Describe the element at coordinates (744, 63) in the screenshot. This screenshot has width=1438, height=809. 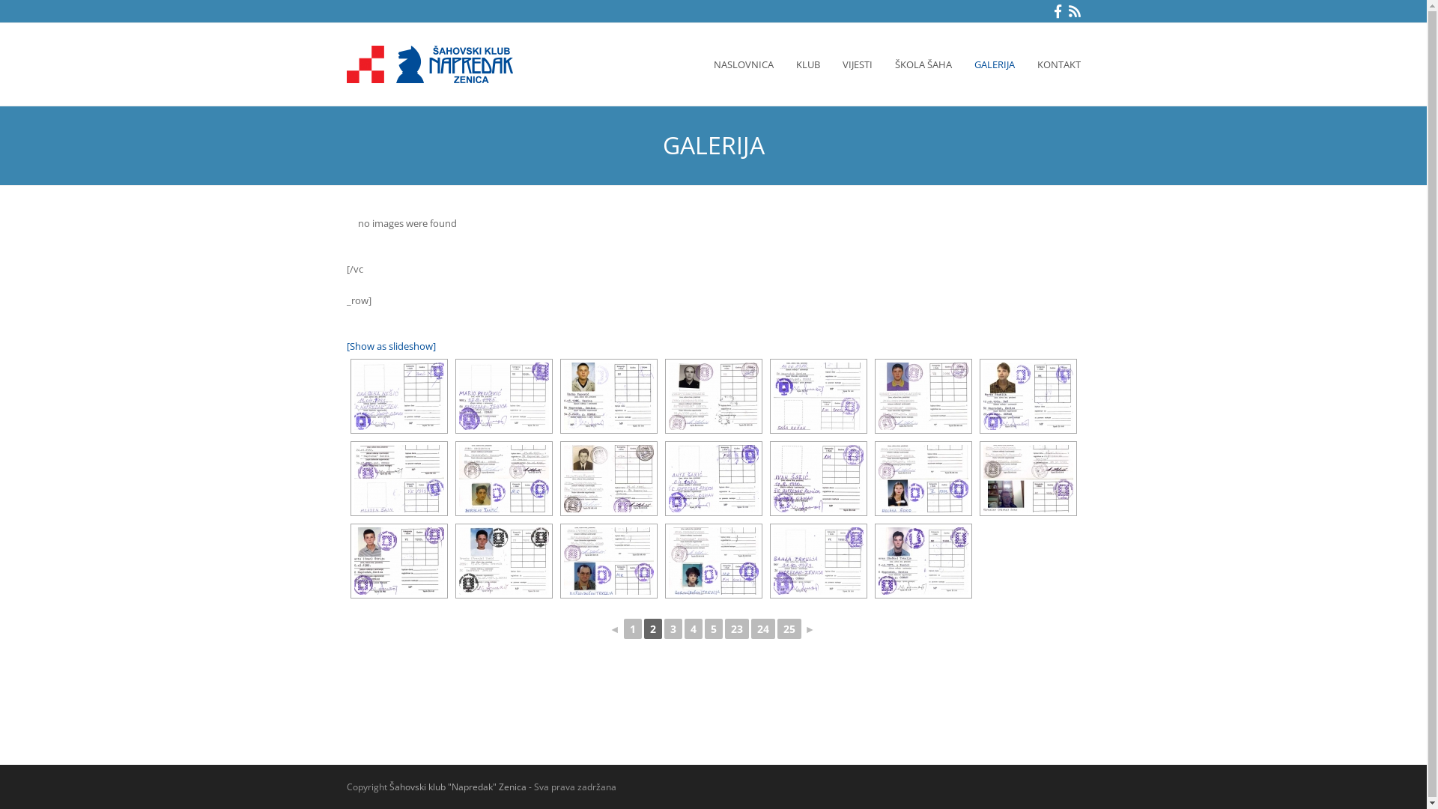
I see `'NASLOVNICA'` at that location.